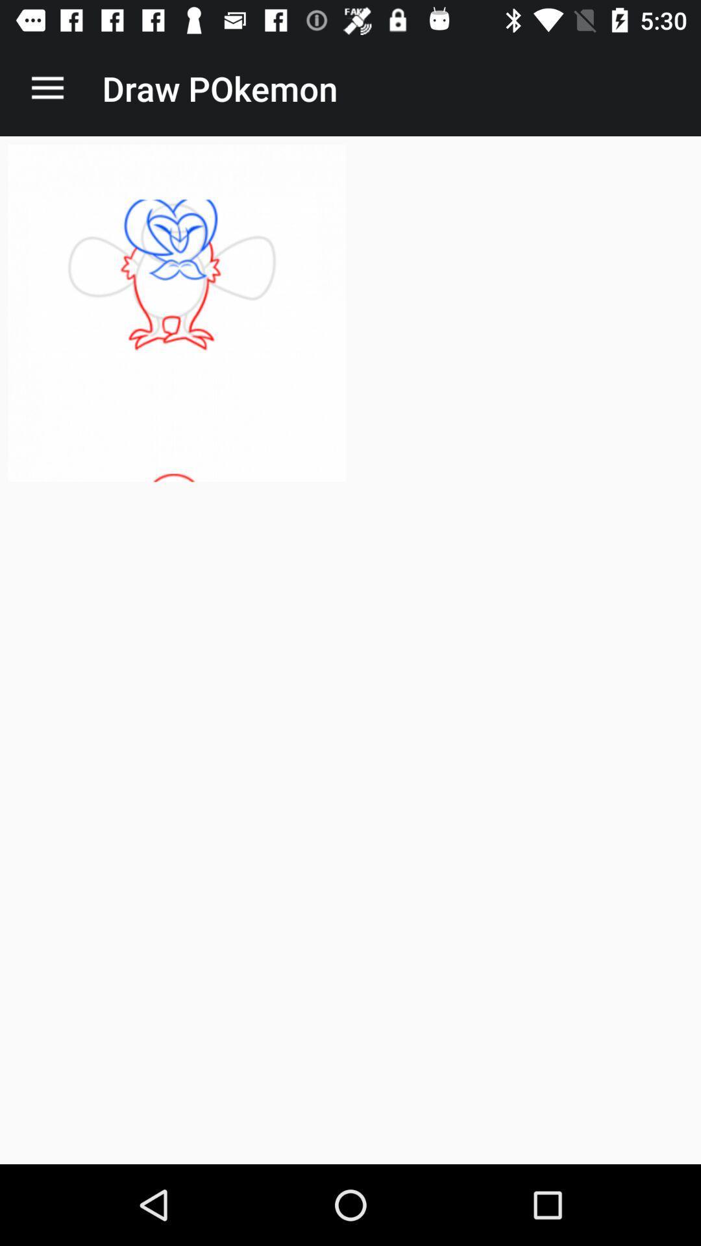 The width and height of the screenshot is (701, 1246). Describe the element at coordinates (47, 88) in the screenshot. I see `app to the left of draw pokemon app` at that location.